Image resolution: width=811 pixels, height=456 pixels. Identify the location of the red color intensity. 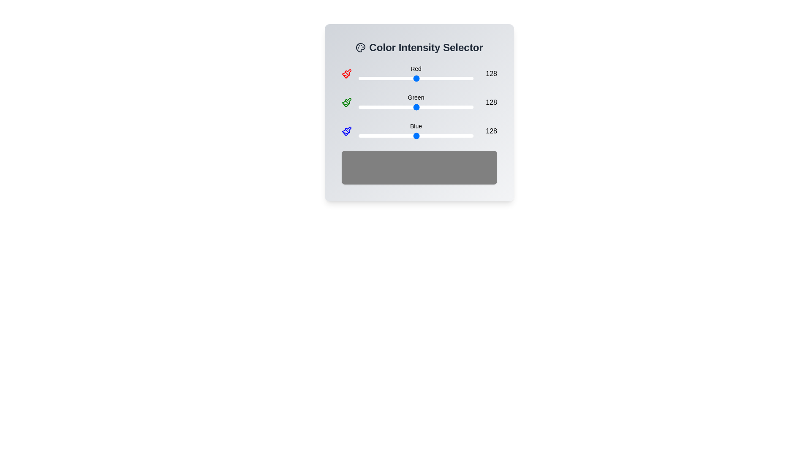
(455, 78).